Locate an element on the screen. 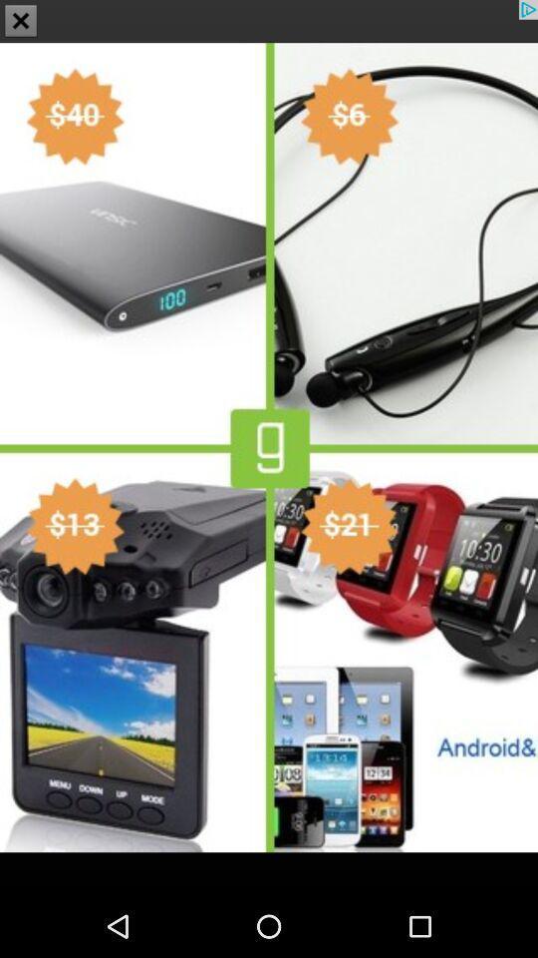 The image size is (538, 958). the close icon is located at coordinates (20, 21).